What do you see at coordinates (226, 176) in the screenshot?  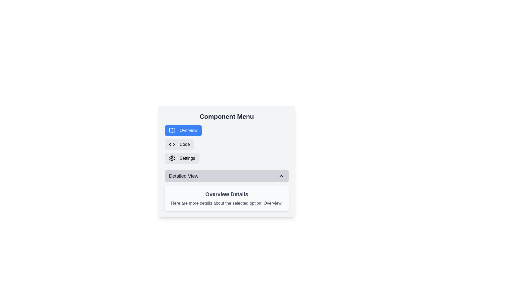 I see `the 'Detailed View' toggle button, which has a light gray background and rounded corners, located below the 'Component Menu' section` at bounding box center [226, 176].